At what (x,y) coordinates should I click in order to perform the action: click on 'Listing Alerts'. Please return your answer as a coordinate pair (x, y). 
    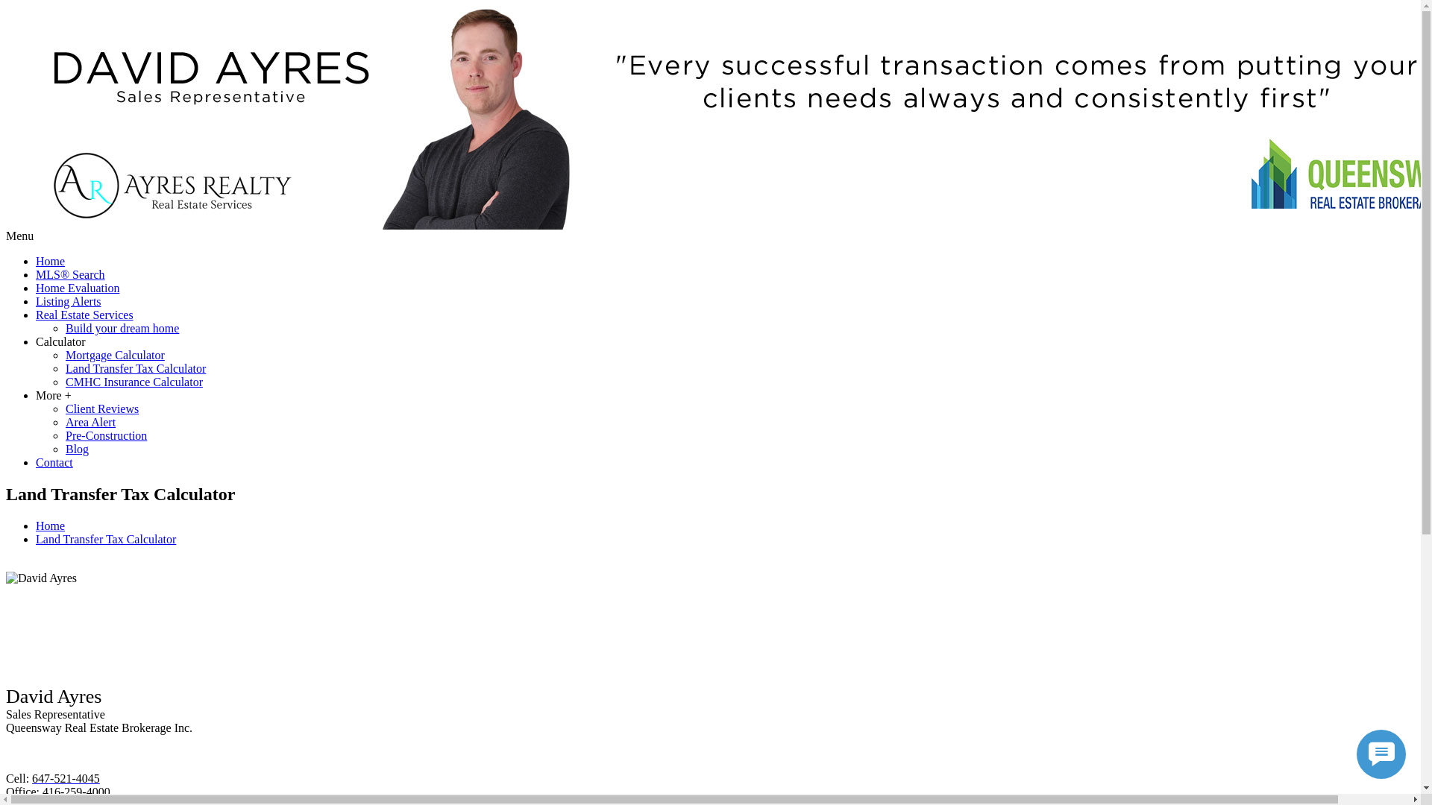
    Looking at the image, I should click on (67, 301).